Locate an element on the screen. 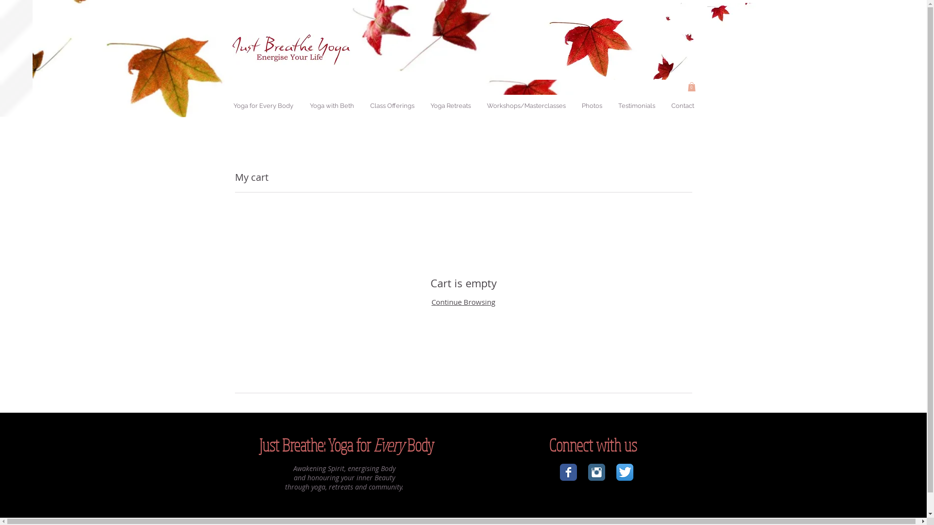 The height and width of the screenshot is (525, 934). 'Yoga for Every Body' is located at coordinates (225, 106).